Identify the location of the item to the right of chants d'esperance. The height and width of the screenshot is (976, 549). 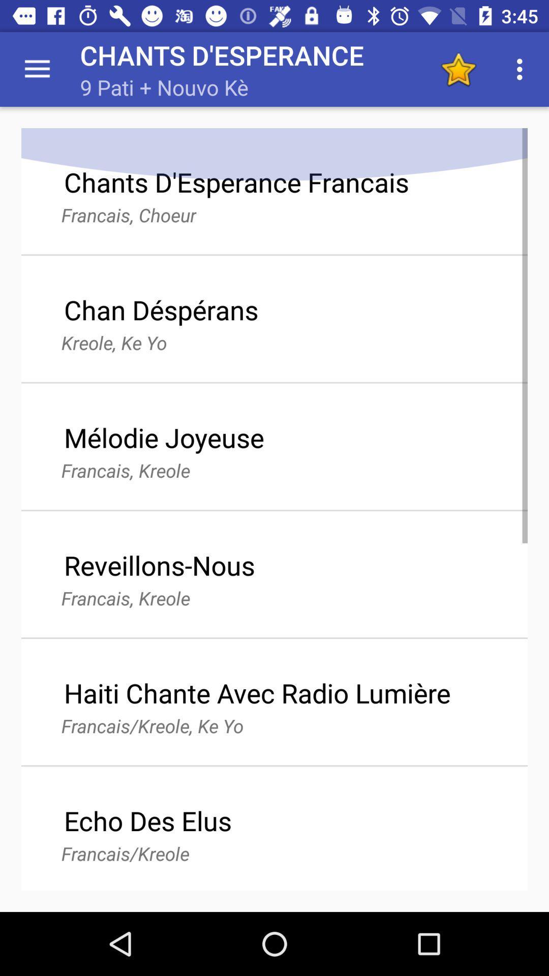
(458, 69).